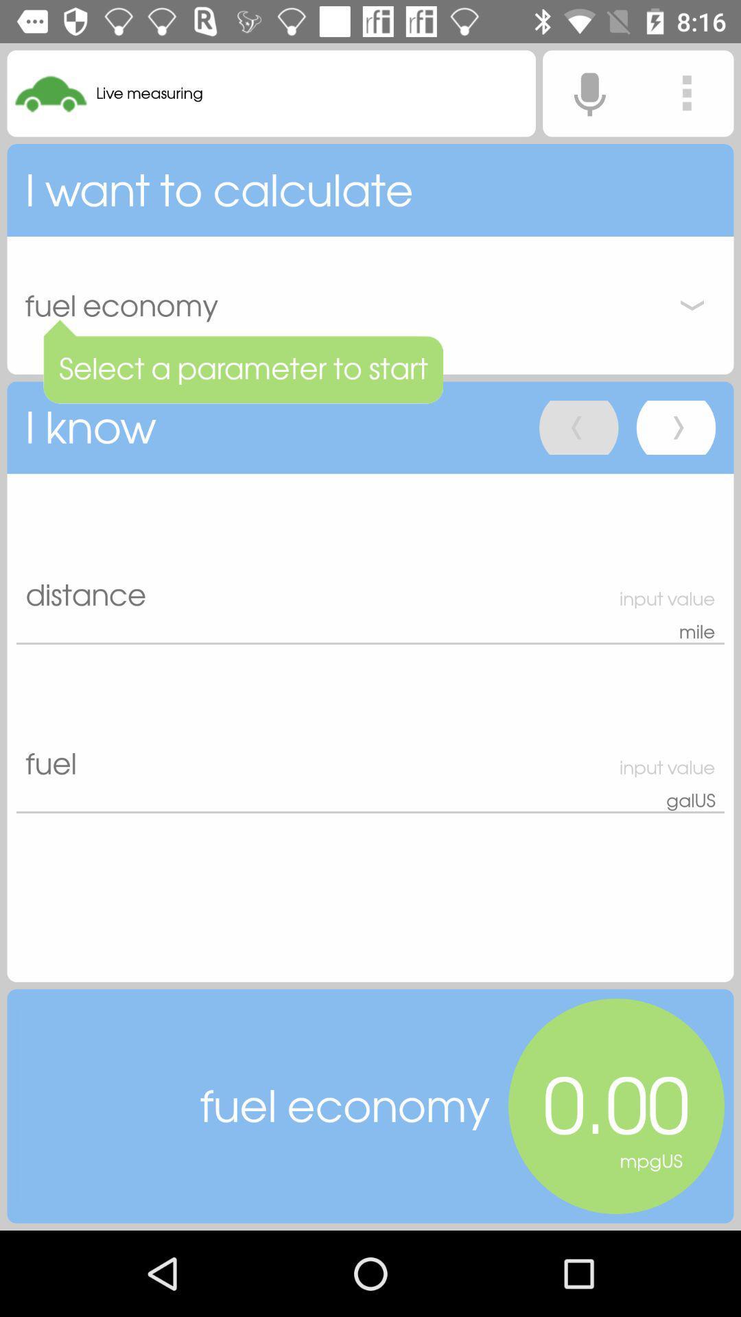 This screenshot has width=741, height=1317. What do you see at coordinates (589, 93) in the screenshot?
I see `the microphone icon` at bounding box center [589, 93].